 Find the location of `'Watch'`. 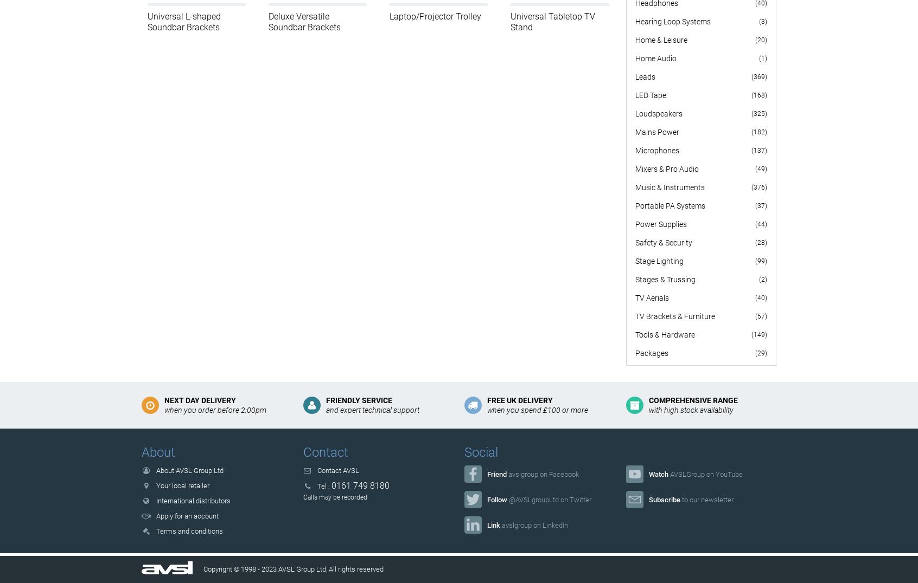

'Watch' is located at coordinates (648, 474).